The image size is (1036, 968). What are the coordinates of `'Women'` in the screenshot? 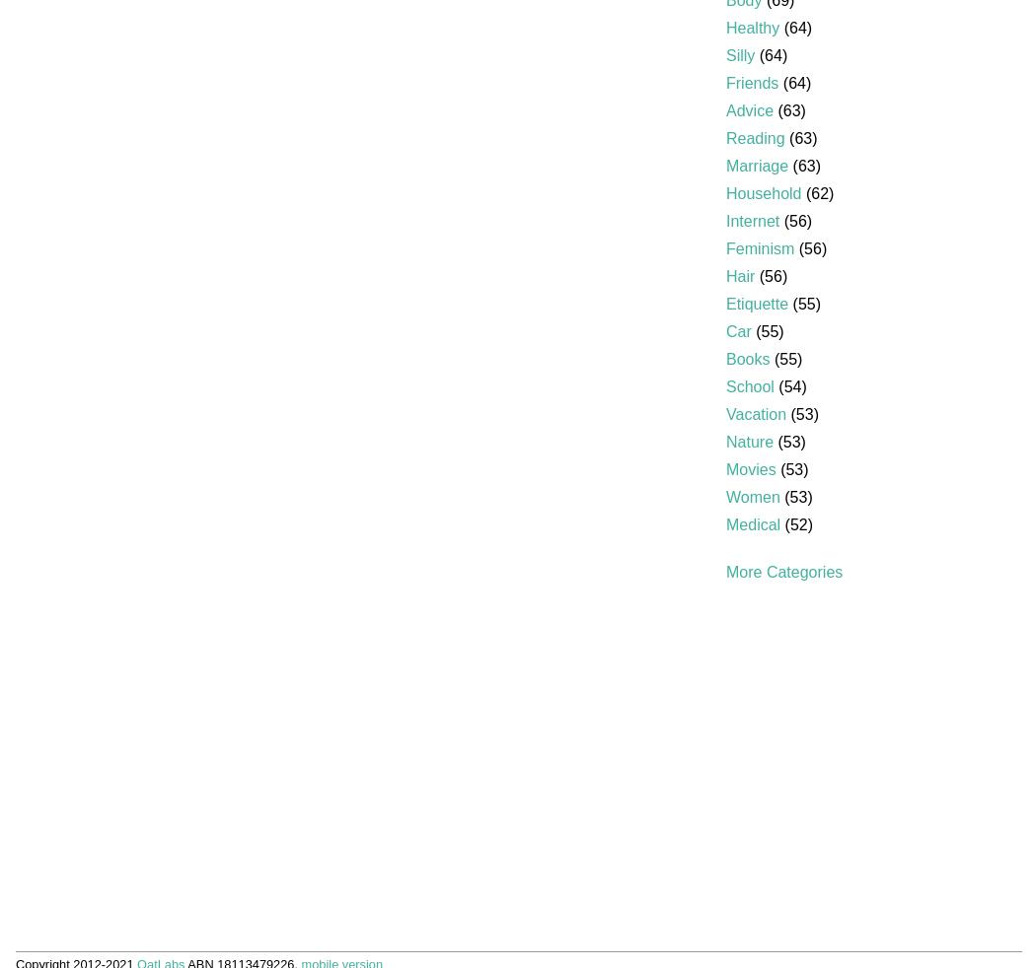 It's located at (725, 496).